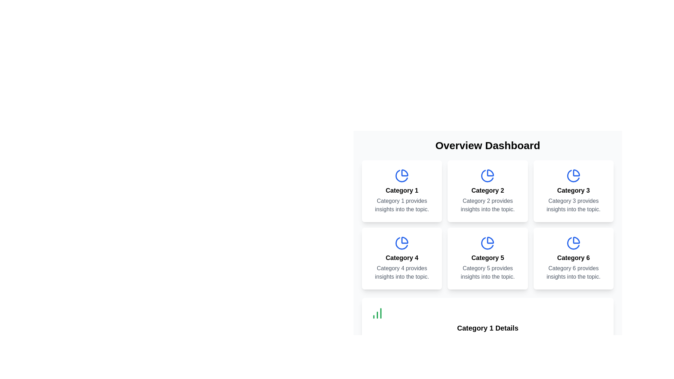  What do you see at coordinates (573, 243) in the screenshot?
I see `the blue pie chart icon located in the 'Category 6' section, which serves as a visual indicator` at bounding box center [573, 243].